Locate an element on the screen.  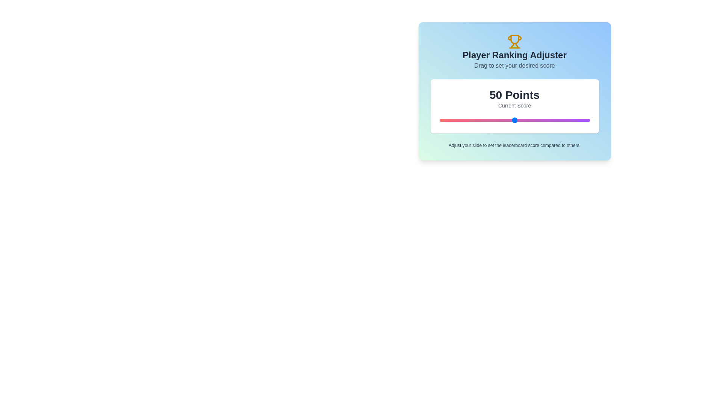
the slider to set the score to 33 is located at coordinates (489, 120).